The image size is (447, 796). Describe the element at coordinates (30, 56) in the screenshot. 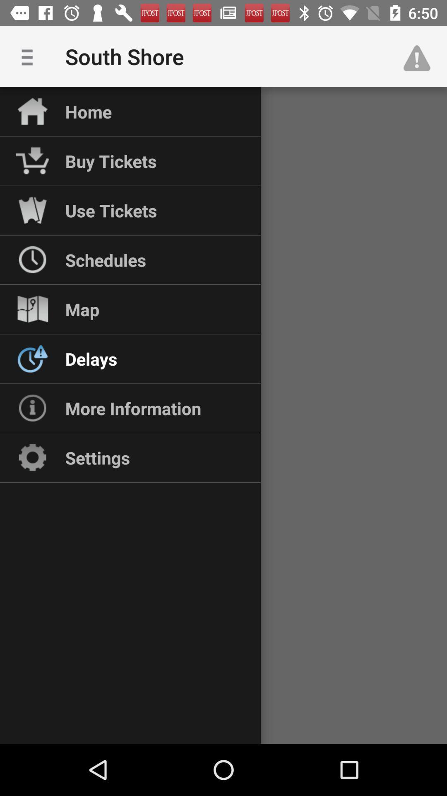

I see `the icon to the left of home icon` at that location.